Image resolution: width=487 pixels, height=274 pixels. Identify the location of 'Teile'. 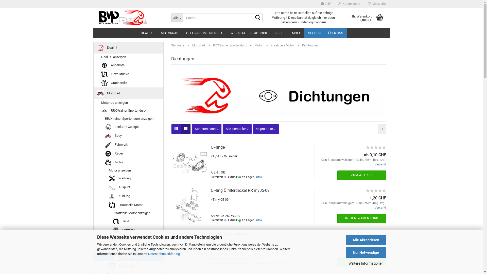
(128, 221).